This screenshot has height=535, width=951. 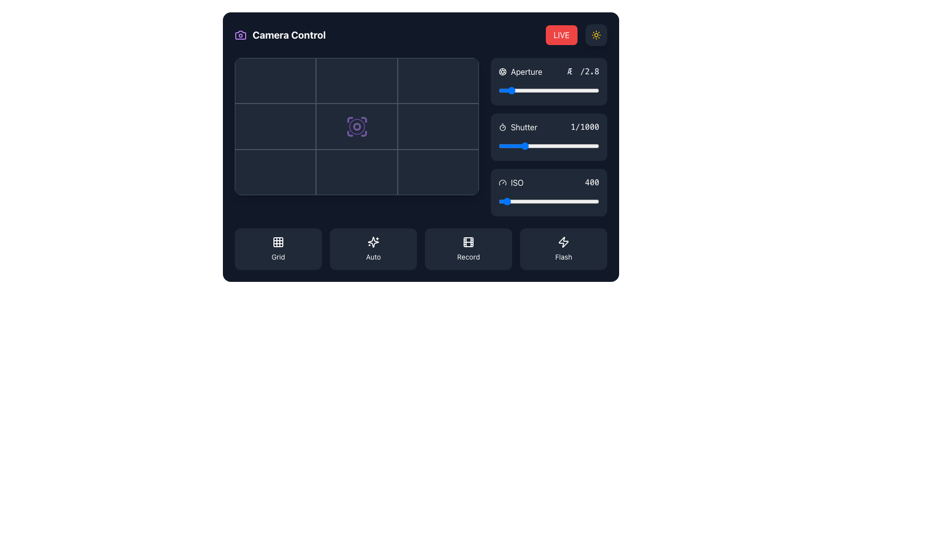 What do you see at coordinates (538, 146) in the screenshot?
I see `the shutter speed` at bounding box center [538, 146].